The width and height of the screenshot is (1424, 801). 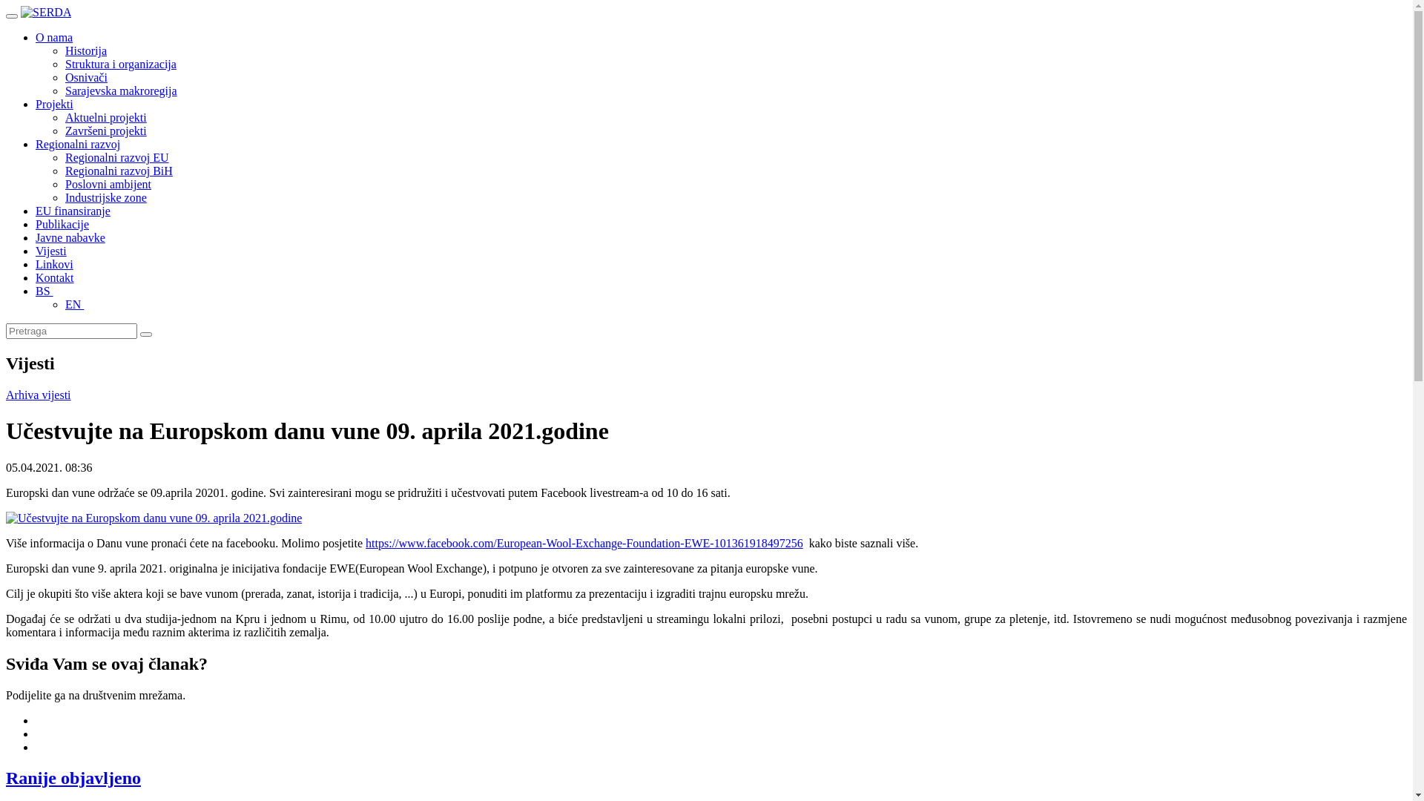 I want to click on 'Vijesti', so click(x=50, y=250).